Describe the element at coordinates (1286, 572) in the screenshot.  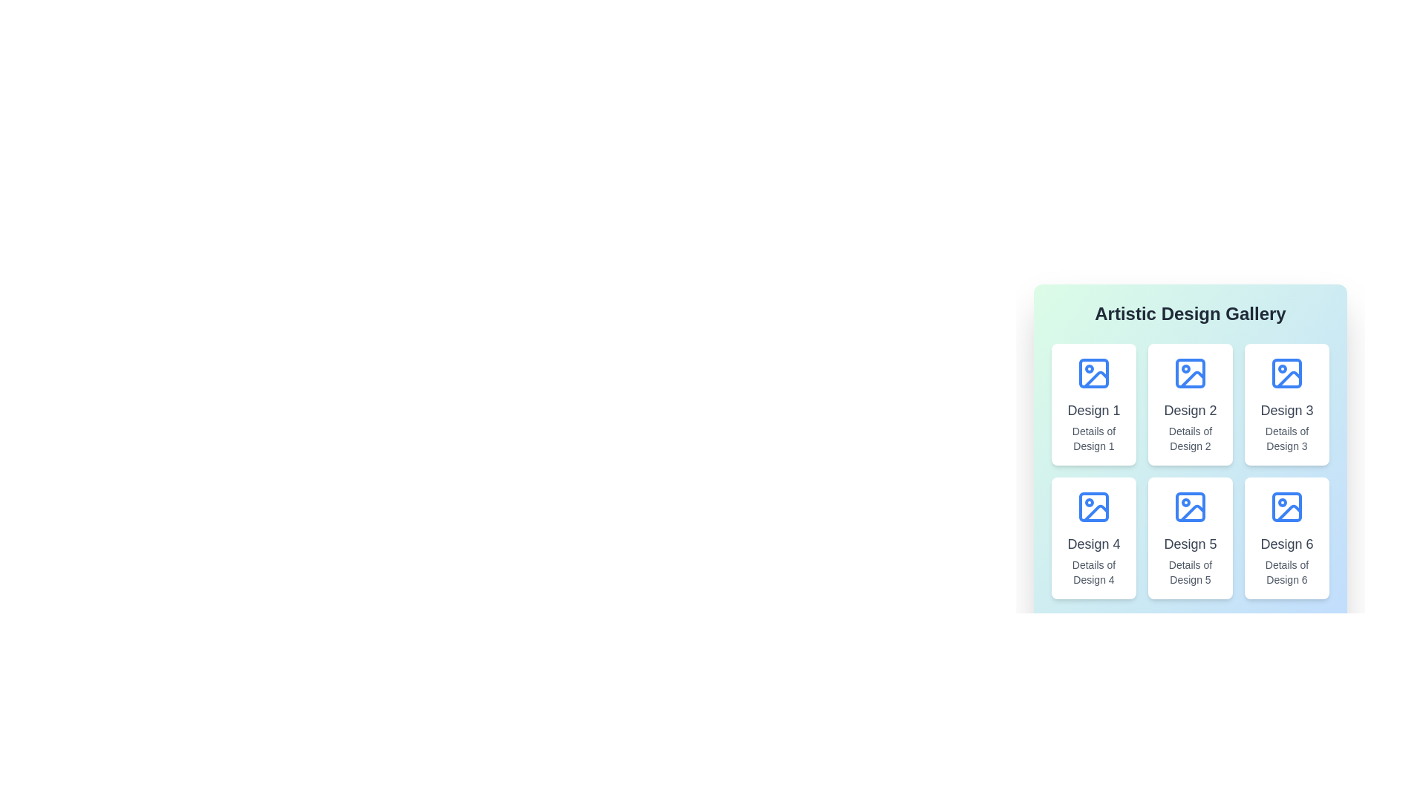
I see `the text element displaying 'Details of Design 6' in a smaller gray font, located beneath the bold title 'Design 6' at the bottom of the sixth grid item in the 3x2 grid layout` at that location.